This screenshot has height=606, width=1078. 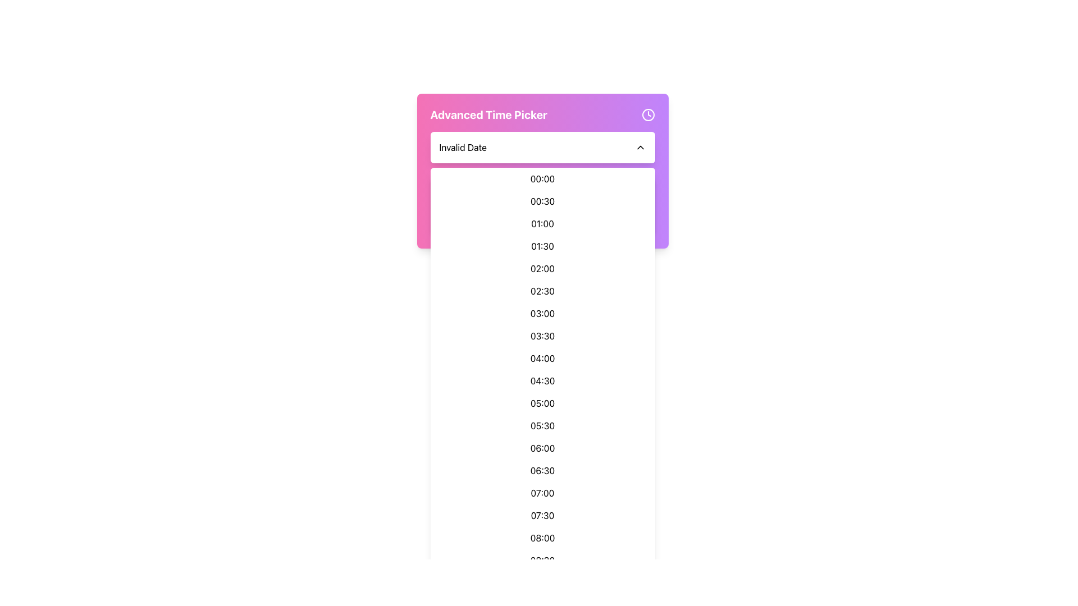 What do you see at coordinates (542, 221) in the screenshot?
I see `the static text label that instructs users to use a picker dropdown to adjust the time, located below the text 'The selected time is Invalid Date (Afternoon).'` at bounding box center [542, 221].